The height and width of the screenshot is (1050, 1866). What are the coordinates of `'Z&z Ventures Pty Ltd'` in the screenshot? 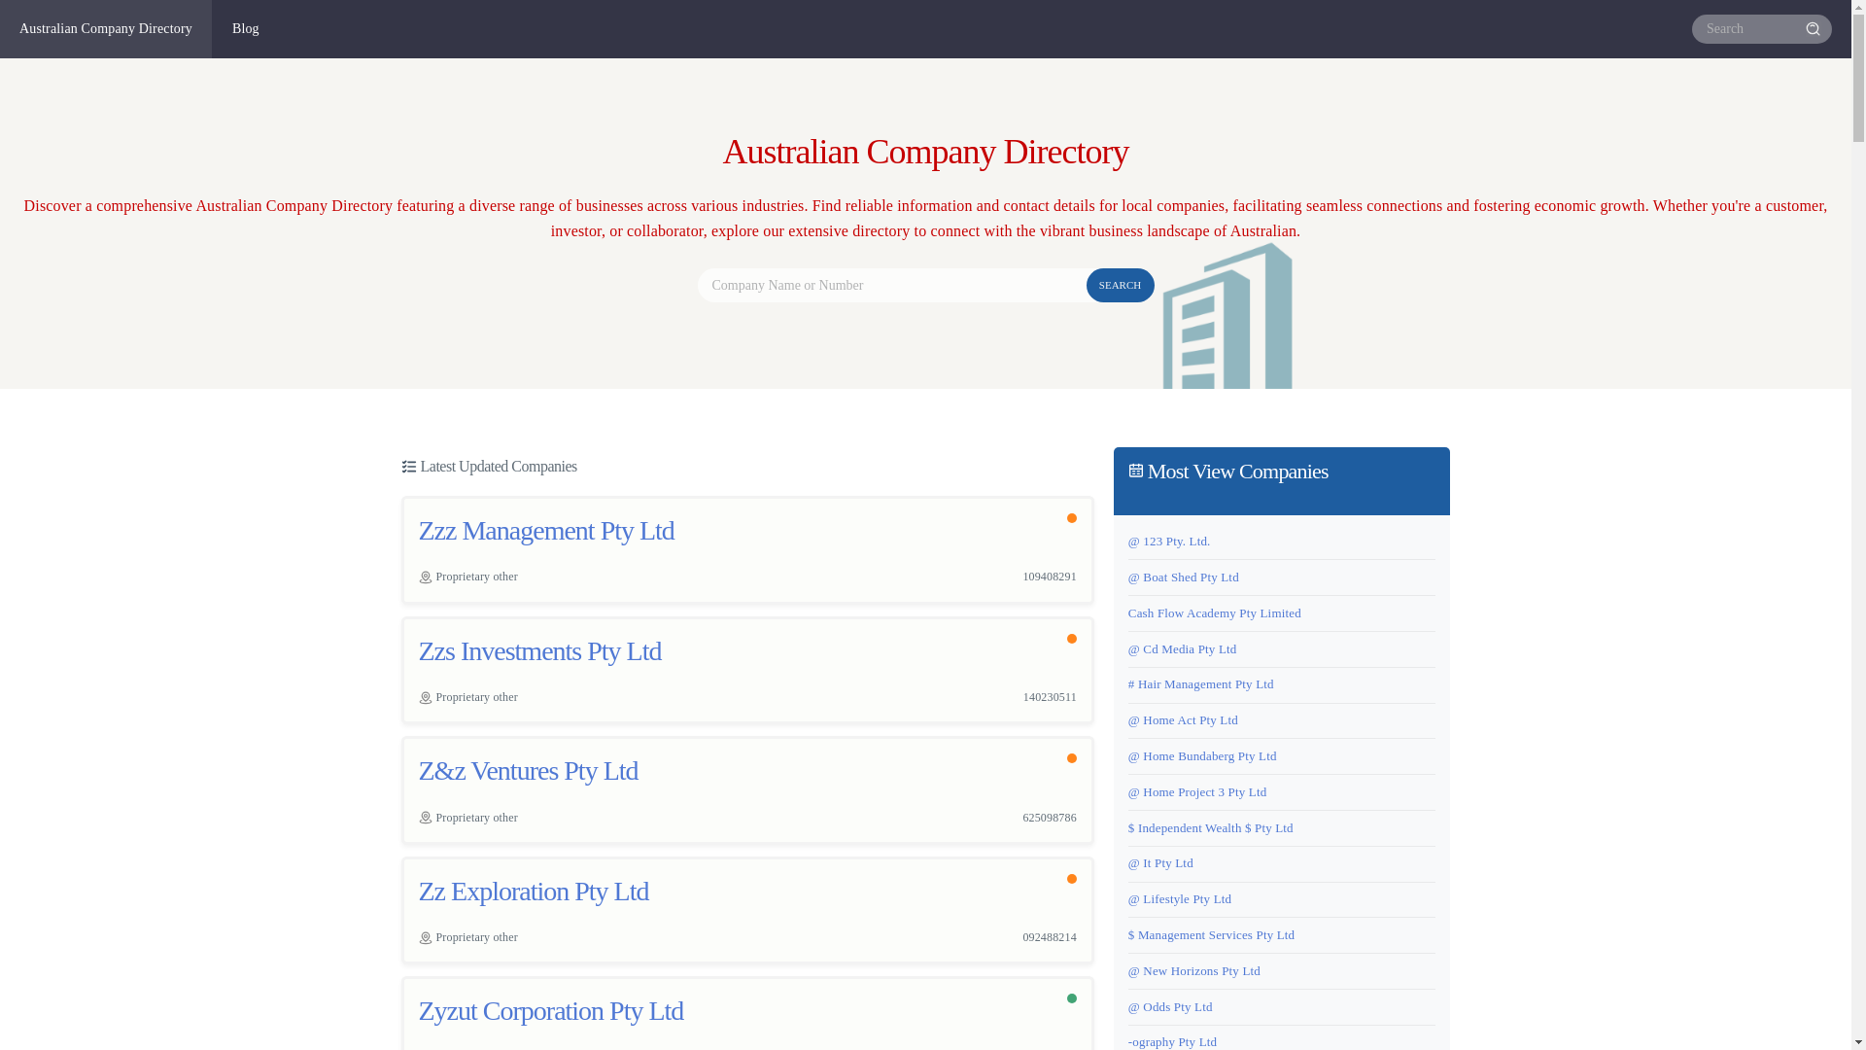 It's located at (417, 769).